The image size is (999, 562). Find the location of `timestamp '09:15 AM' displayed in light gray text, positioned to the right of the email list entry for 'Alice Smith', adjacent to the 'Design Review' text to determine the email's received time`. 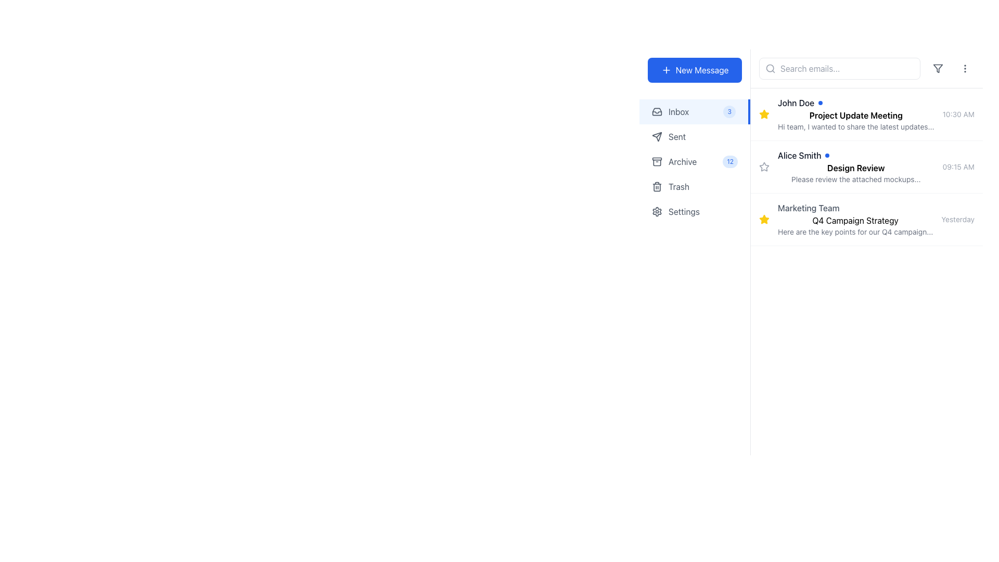

timestamp '09:15 AM' displayed in light gray text, positioned to the right of the email list entry for 'Alice Smith', adjacent to the 'Design Review' text to determine the email's received time is located at coordinates (958, 166).